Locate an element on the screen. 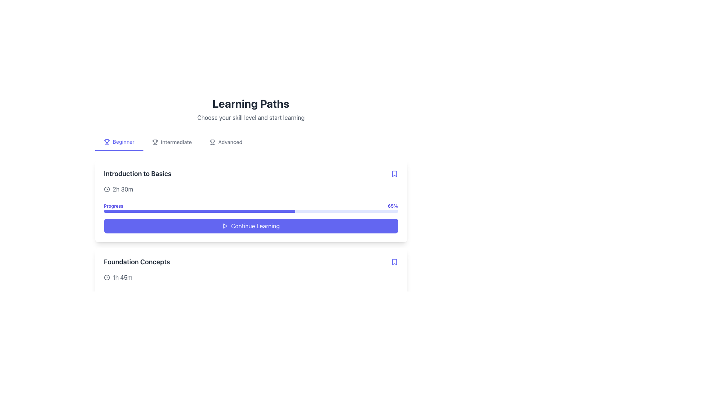 The height and width of the screenshot is (397, 706). the filled portion of the progress bar, which visually indicates the completion percentage of a task, located beneath the 'Introduction to Basics' label and above the 'Continue Learning' button is located at coordinates (199, 211).